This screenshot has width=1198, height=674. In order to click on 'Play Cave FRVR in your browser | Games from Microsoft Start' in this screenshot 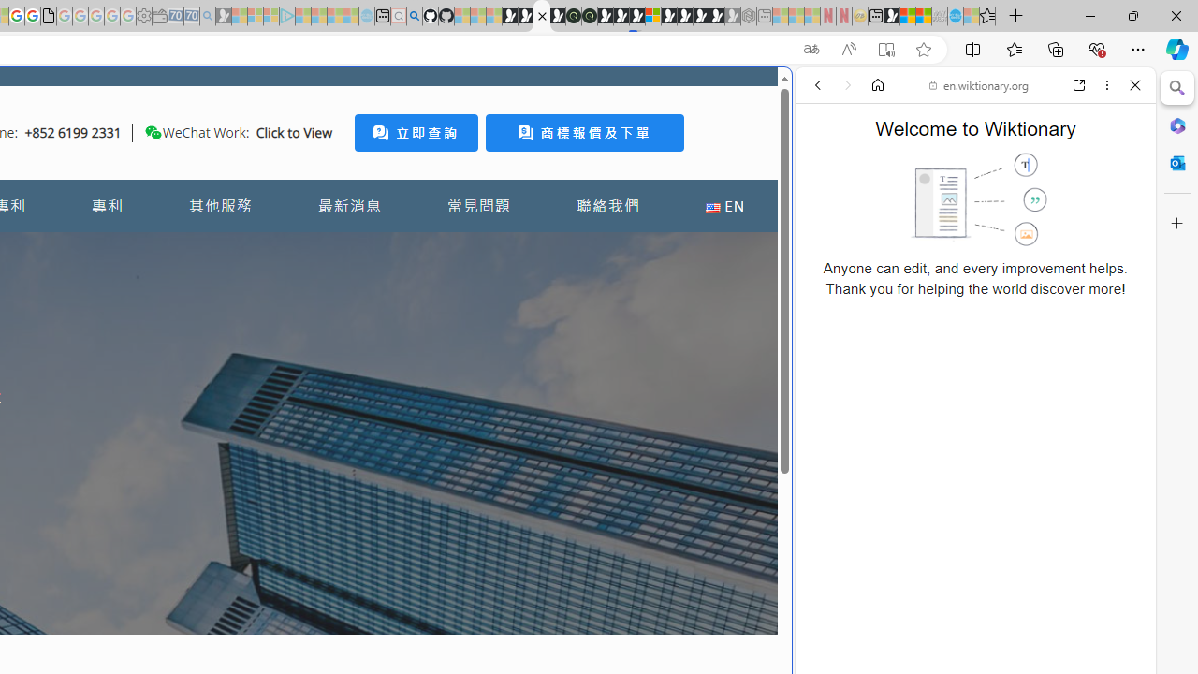, I will do `click(621, 16)`.